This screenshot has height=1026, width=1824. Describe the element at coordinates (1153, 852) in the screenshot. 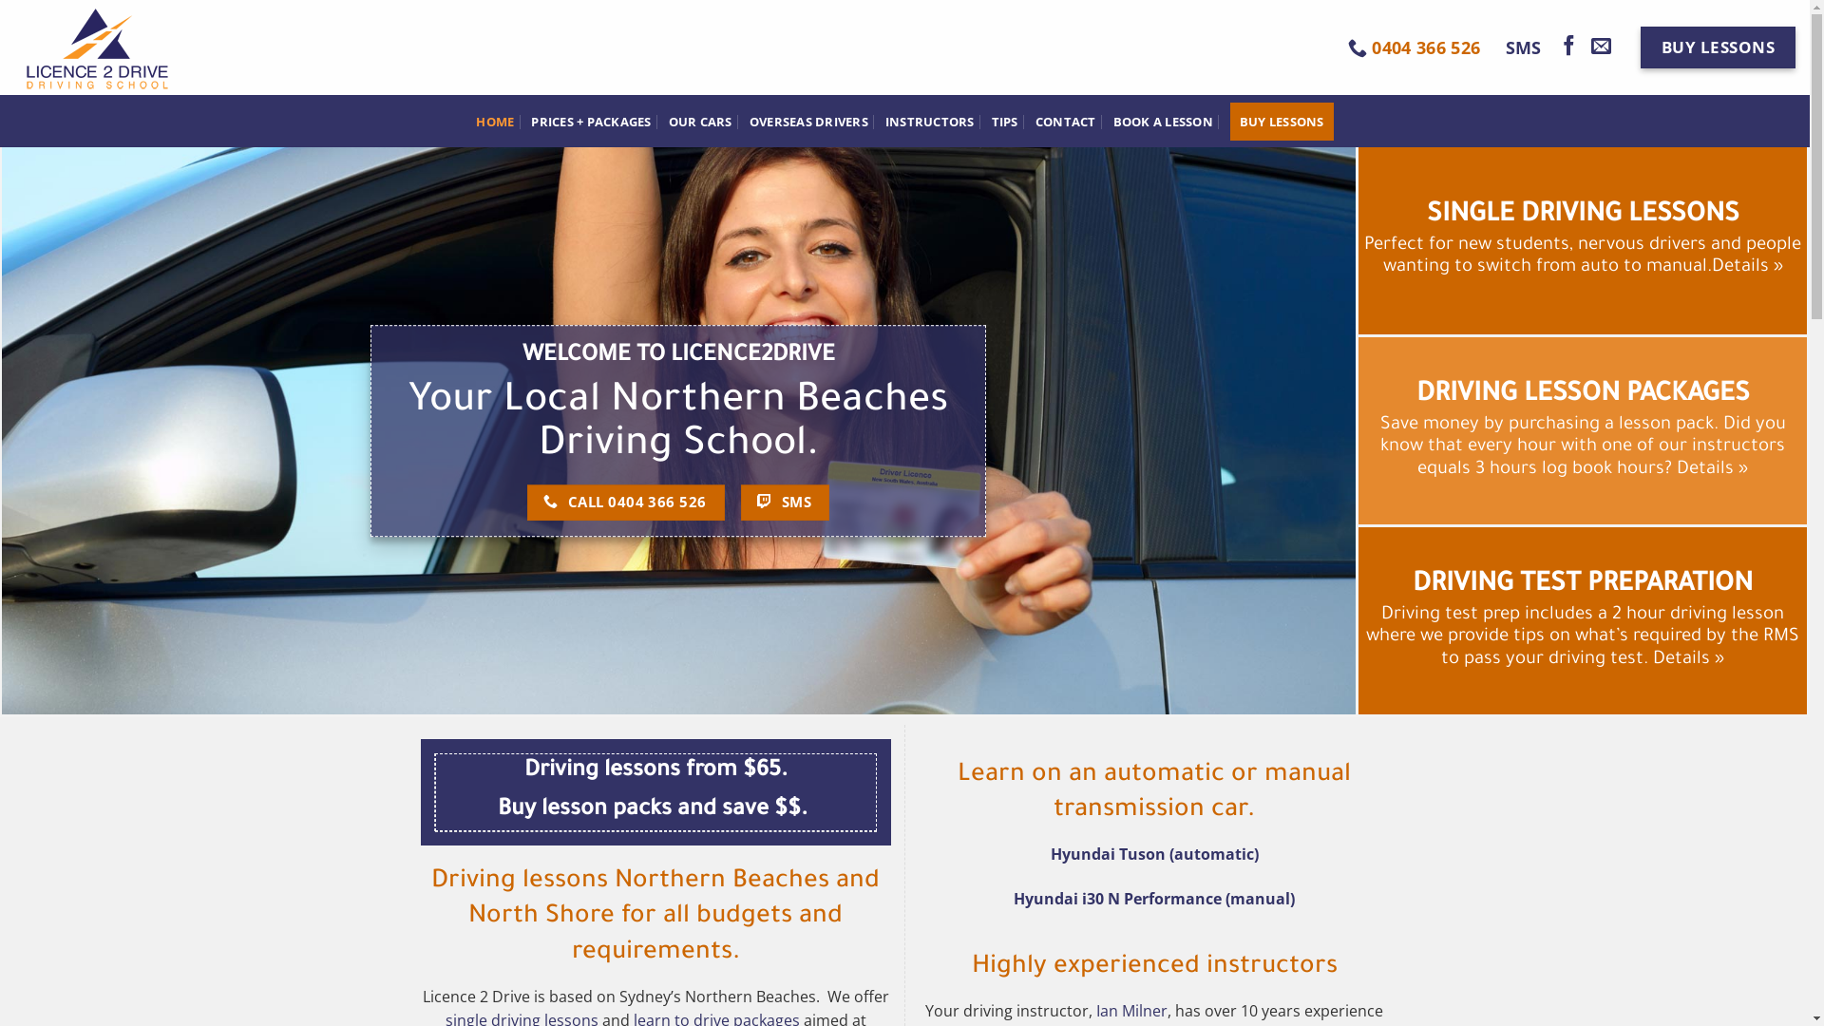

I see `'Hyundai Tuson (automatic)'` at that location.